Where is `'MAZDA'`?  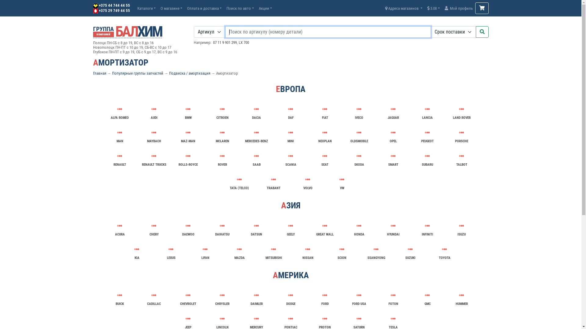
'MAZDA' is located at coordinates (239, 251).